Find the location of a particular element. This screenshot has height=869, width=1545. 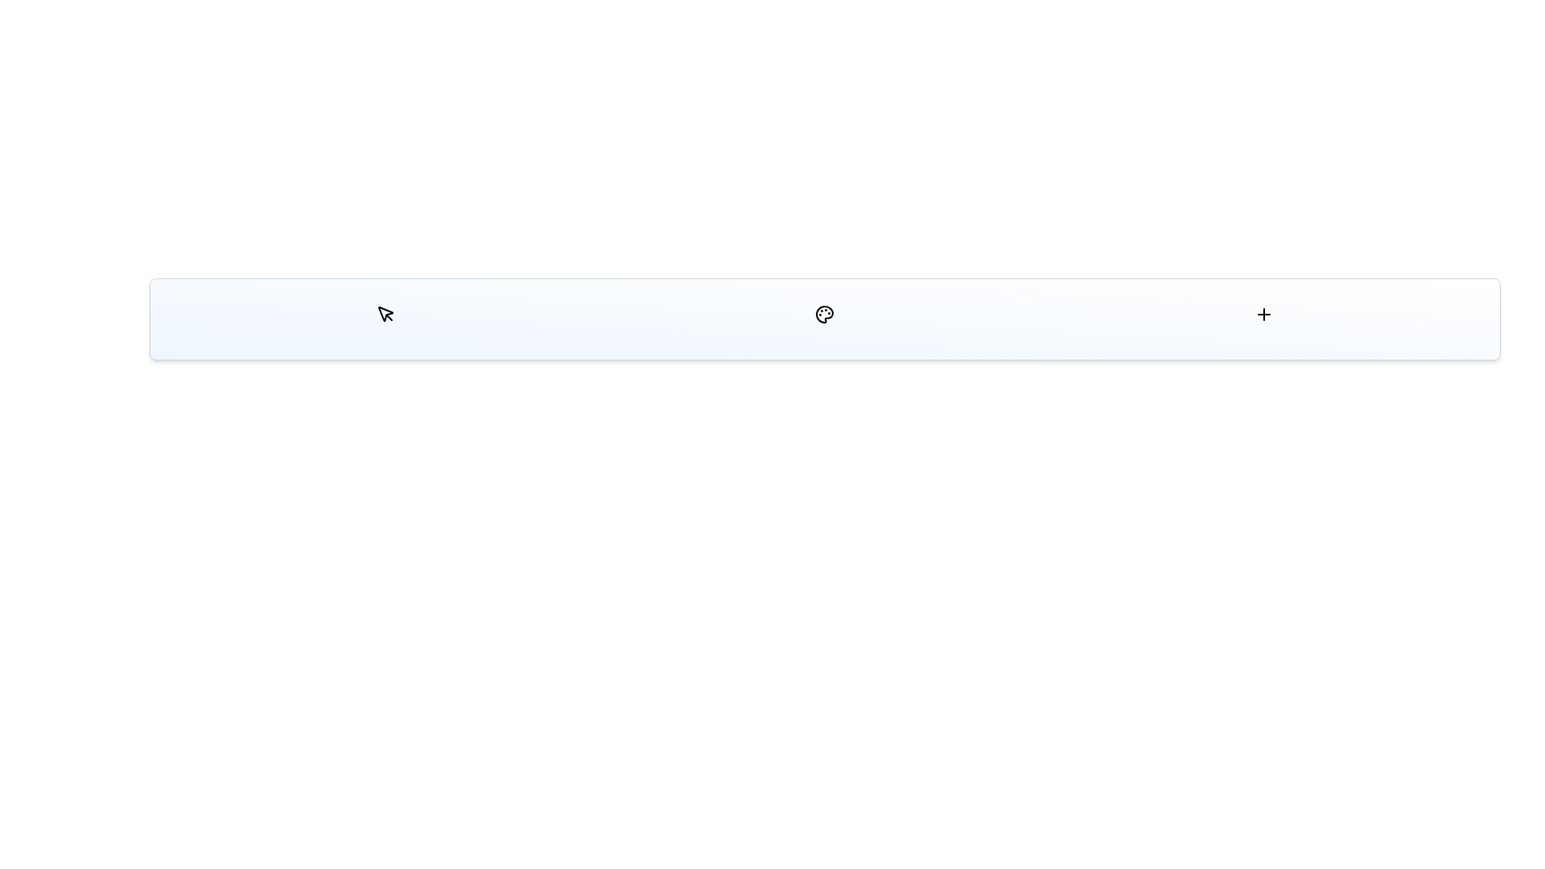

the toggle button with 0 to inspect its tooltip is located at coordinates (385, 314).